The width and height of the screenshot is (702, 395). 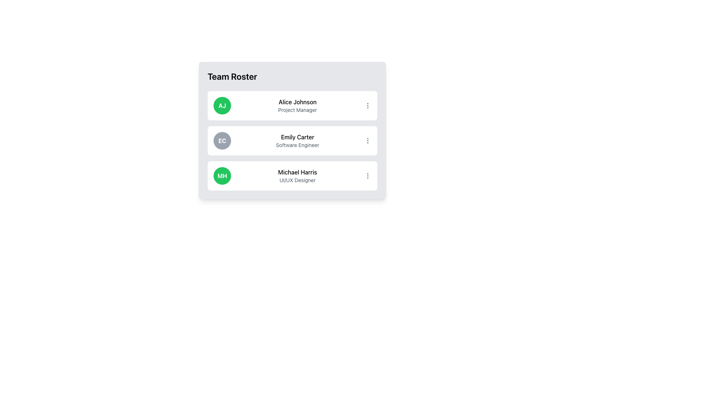 I want to click on the Text Display element that represents a team member's name and job title within the first card of the 'Team Roster' panel, so click(x=298, y=106).